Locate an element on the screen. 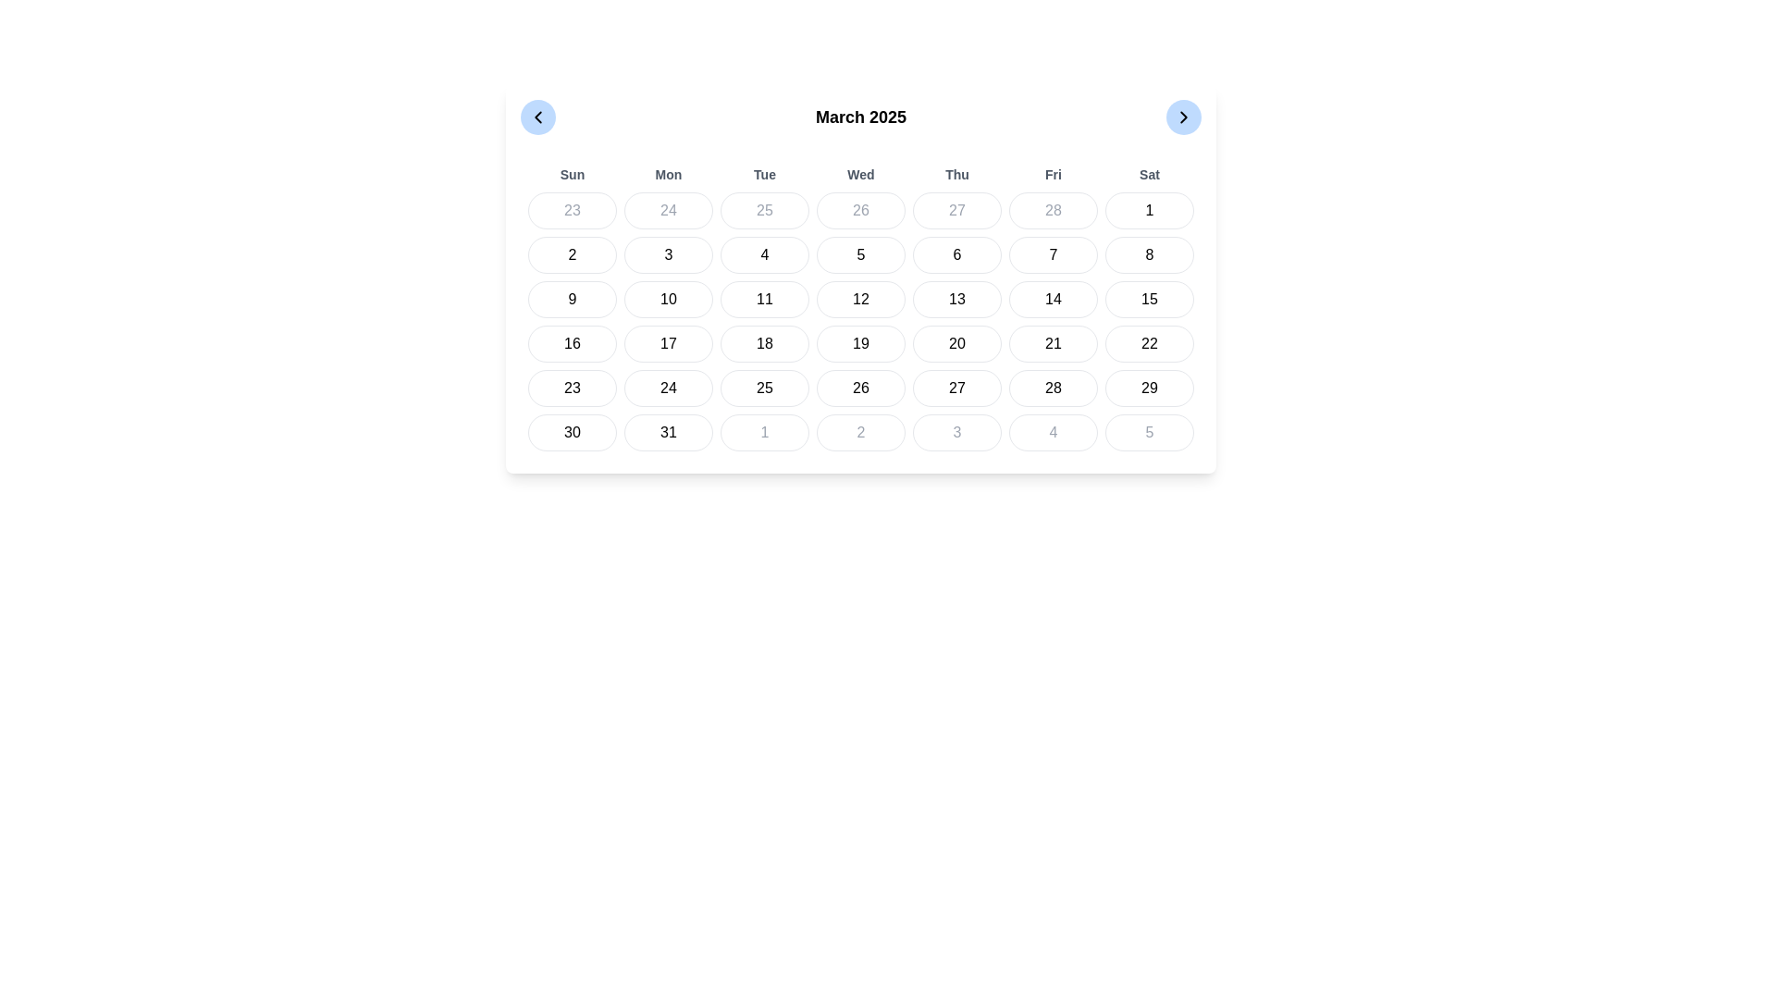 The image size is (1776, 999). the text label displaying 'Sun', which is the first element in a sequence of day abbreviations at the top of the calendar layout is located at coordinates (572, 175).